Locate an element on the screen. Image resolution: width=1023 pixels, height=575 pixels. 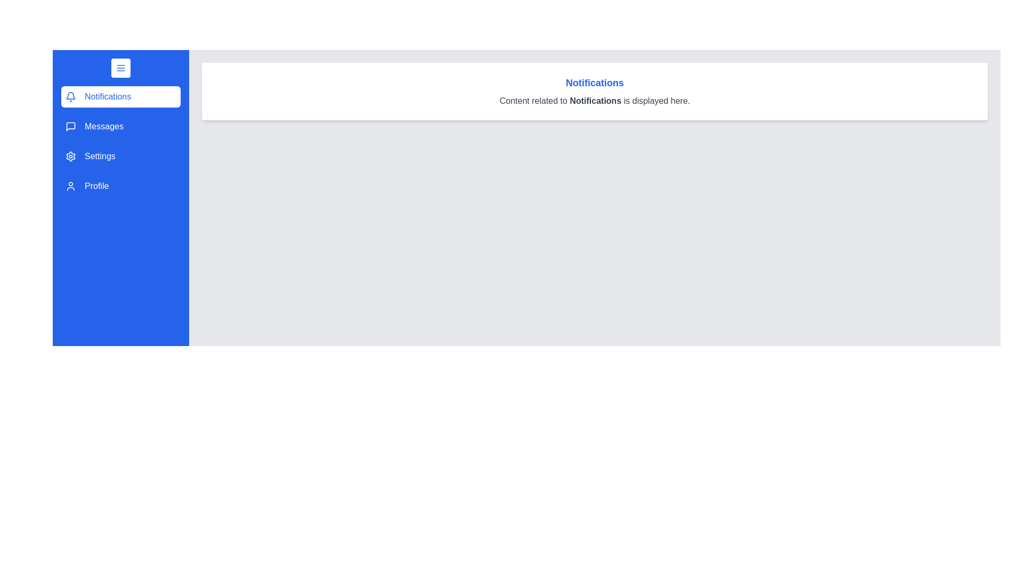
the menu item labeled Messages is located at coordinates (120, 126).